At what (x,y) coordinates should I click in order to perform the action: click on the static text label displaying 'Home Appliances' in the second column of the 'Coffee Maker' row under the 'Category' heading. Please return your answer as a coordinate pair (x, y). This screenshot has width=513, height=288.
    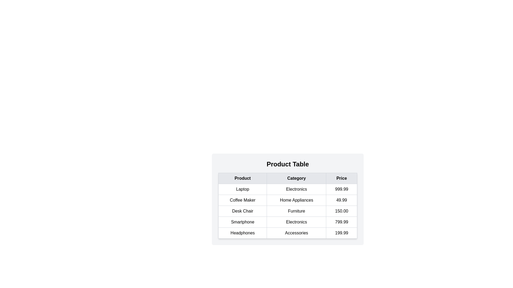
    Looking at the image, I should click on (296, 200).